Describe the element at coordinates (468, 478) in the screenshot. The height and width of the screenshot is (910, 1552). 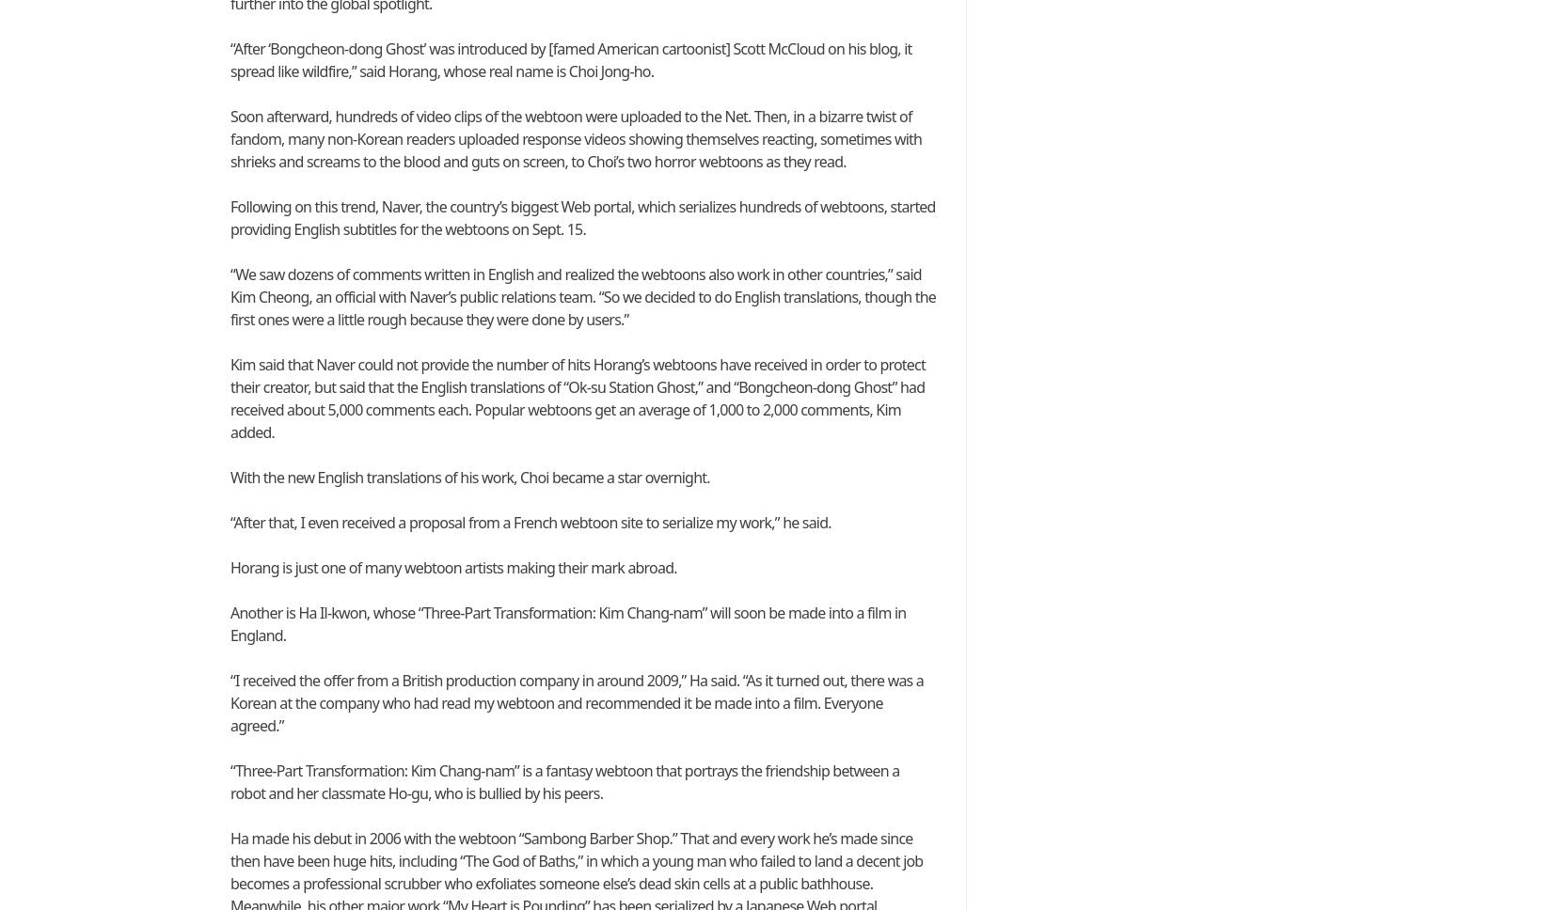
I see `'With the new English translations of his work, Choi became a star overnight.'` at that location.